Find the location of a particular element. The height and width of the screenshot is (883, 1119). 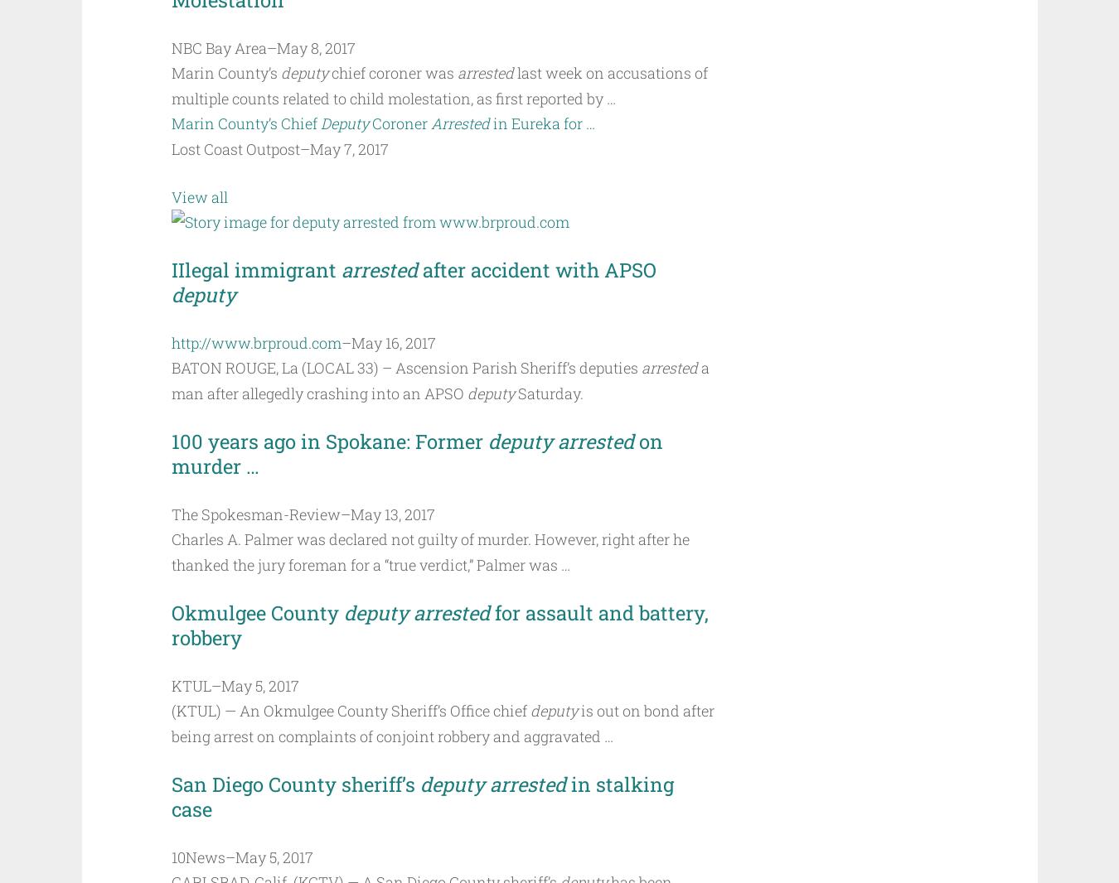

'100 years ago in Spokane: Former' is located at coordinates (329, 441).